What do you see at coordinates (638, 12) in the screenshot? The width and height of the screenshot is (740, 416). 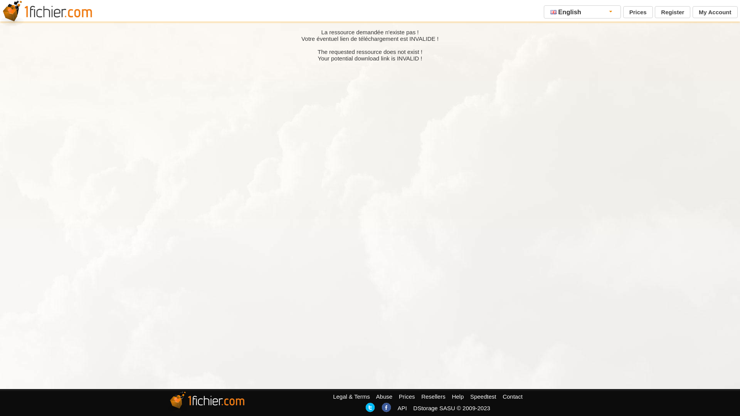 I see `'Prices'` at bounding box center [638, 12].